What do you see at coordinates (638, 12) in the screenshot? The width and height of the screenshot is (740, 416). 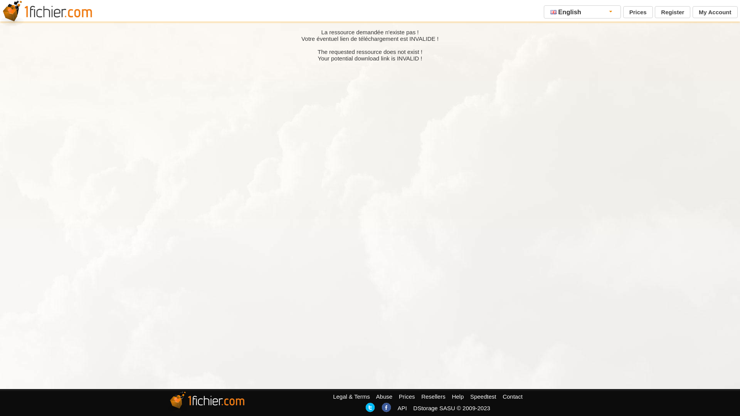 I see `'Prices'` at bounding box center [638, 12].